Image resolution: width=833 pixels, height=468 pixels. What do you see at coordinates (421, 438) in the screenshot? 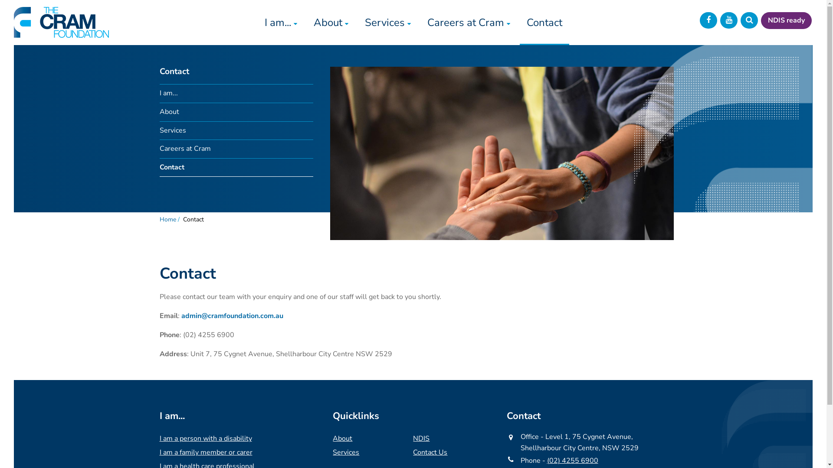
I see `'NDIS'` at bounding box center [421, 438].